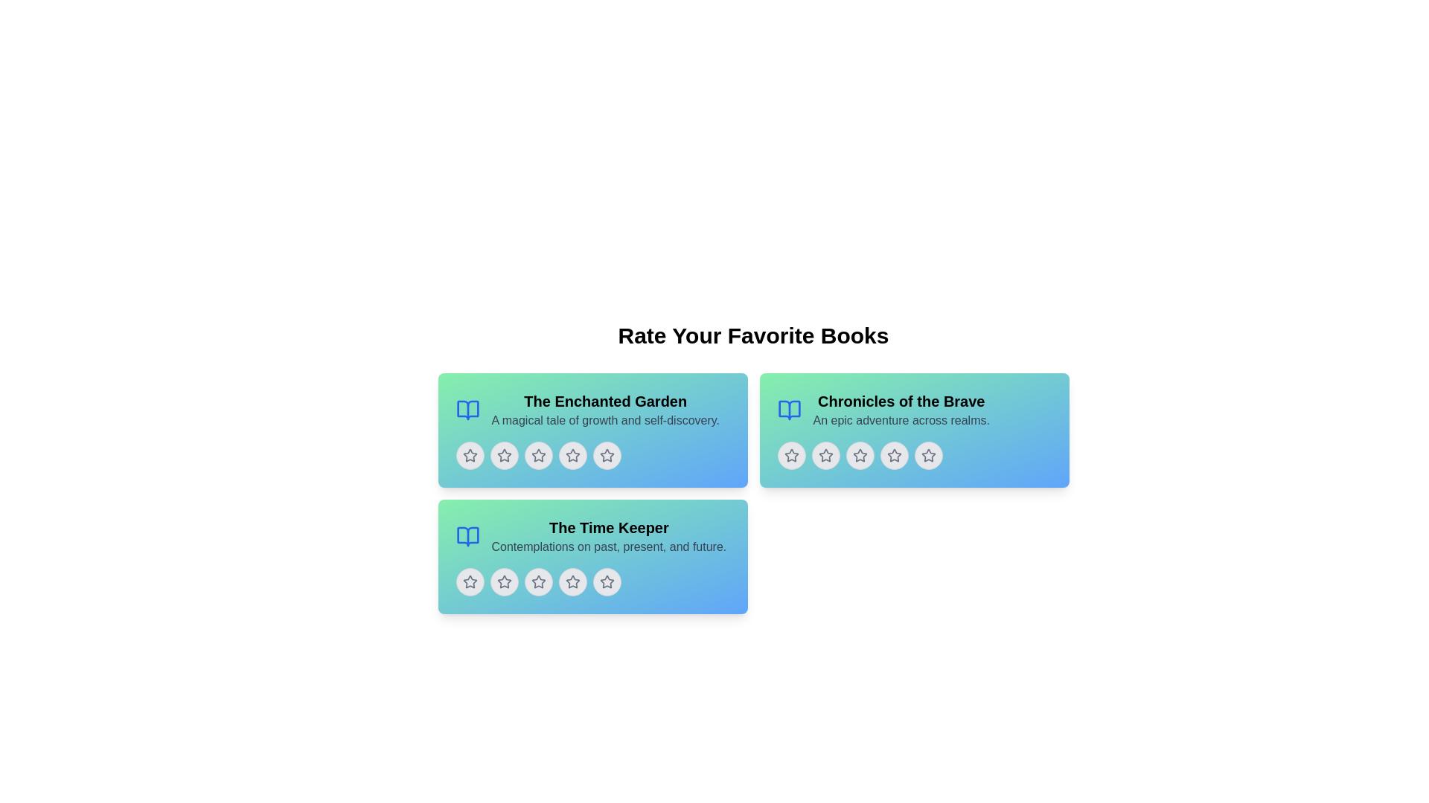 This screenshot has height=803, width=1429. Describe the element at coordinates (467, 536) in the screenshot. I see `the small blue graphical icon resembling an open book located in the top-left corner of the 'The Time Keeper' card` at that location.